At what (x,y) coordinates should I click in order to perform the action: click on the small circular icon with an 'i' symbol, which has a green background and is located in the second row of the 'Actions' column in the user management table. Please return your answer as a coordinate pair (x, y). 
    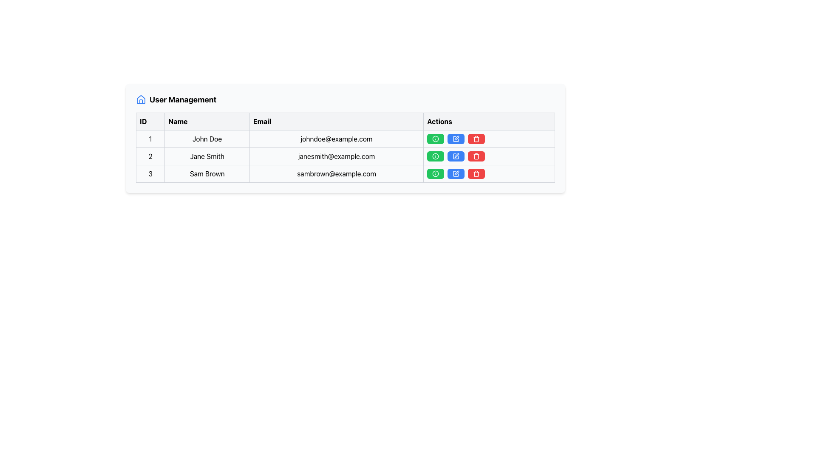
    Looking at the image, I should click on (436, 156).